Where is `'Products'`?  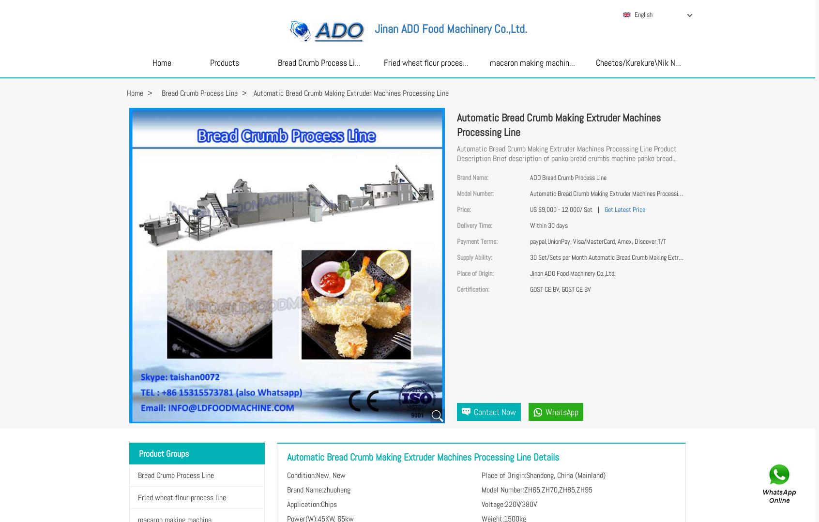 'Products' is located at coordinates (223, 62).